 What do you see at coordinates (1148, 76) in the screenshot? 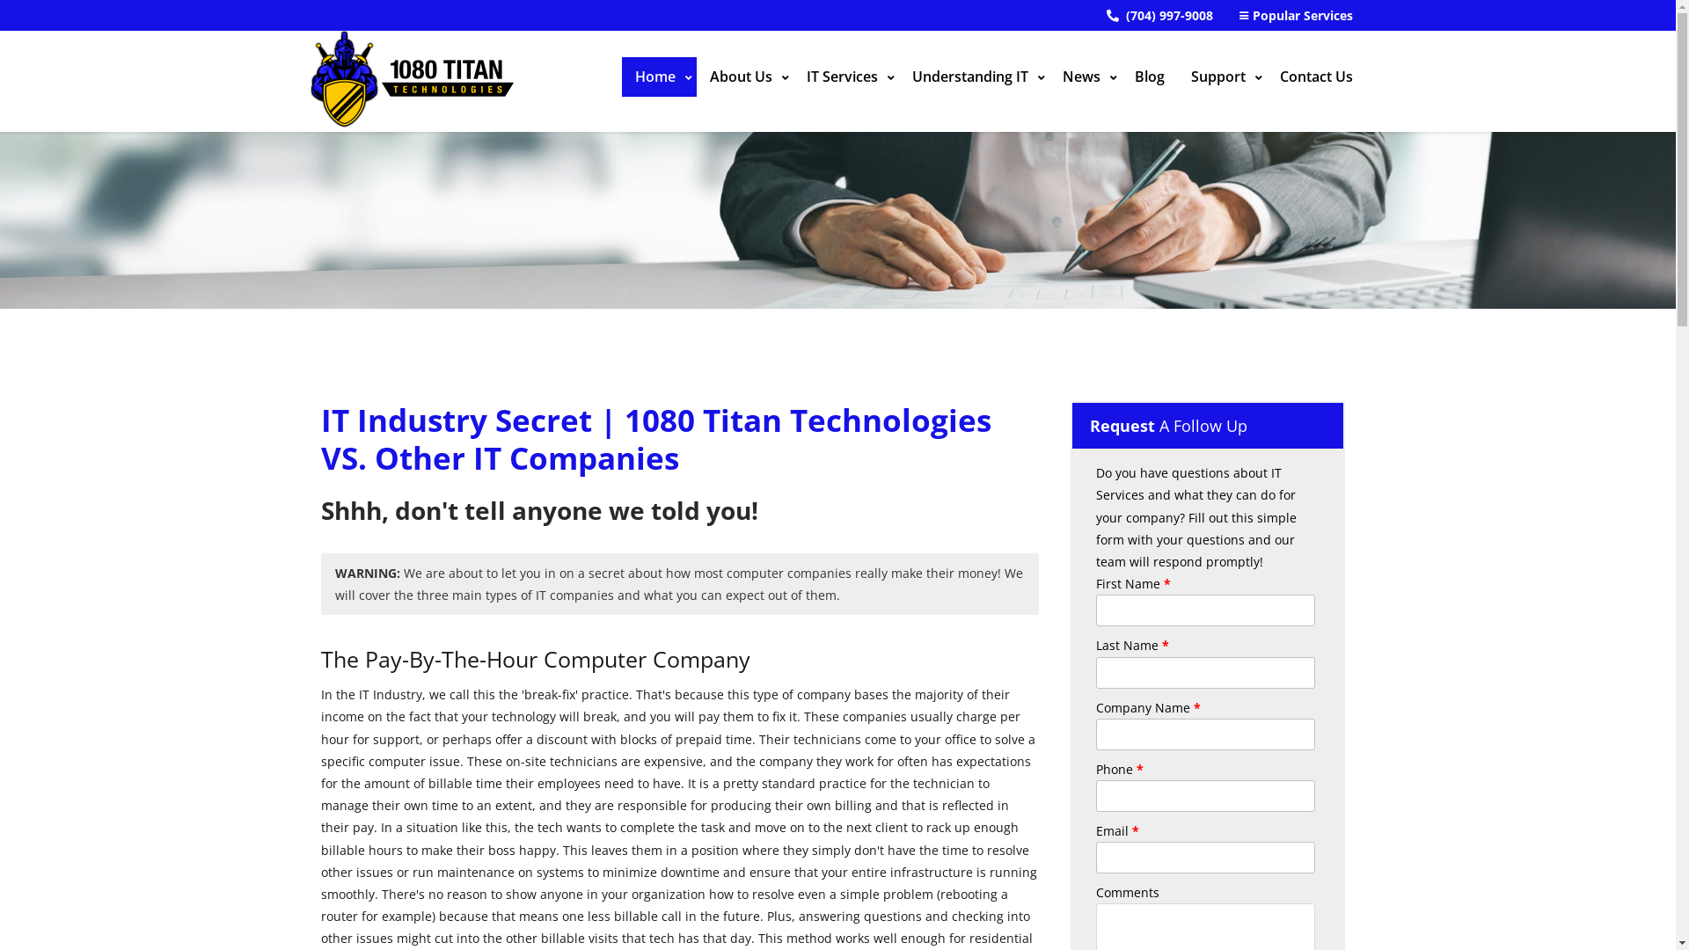
I see `'Blog'` at bounding box center [1148, 76].